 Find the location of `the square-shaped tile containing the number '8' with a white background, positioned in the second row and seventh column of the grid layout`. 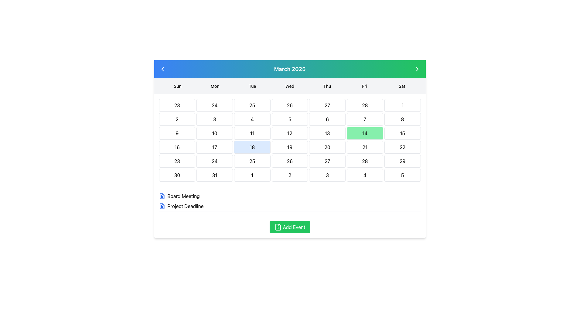

the square-shaped tile containing the number '8' with a white background, positioned in the second row and seventh column of the grid layout is located at coordinates (402, 119).